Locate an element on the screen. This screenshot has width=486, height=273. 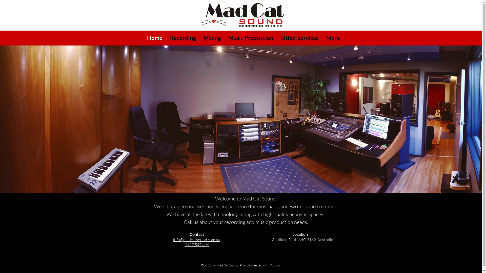
'Mixing' is located at coordinates (212, 38).